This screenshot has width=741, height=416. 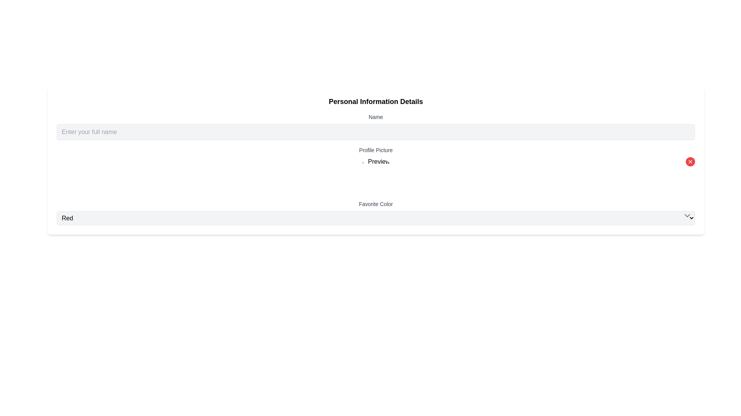 What do you see at coordinates (376, 218) in the screenshot?
I see `the 'Favorite Color' dropdown menu to enhance accessibility` at bounding box center [376, 218].